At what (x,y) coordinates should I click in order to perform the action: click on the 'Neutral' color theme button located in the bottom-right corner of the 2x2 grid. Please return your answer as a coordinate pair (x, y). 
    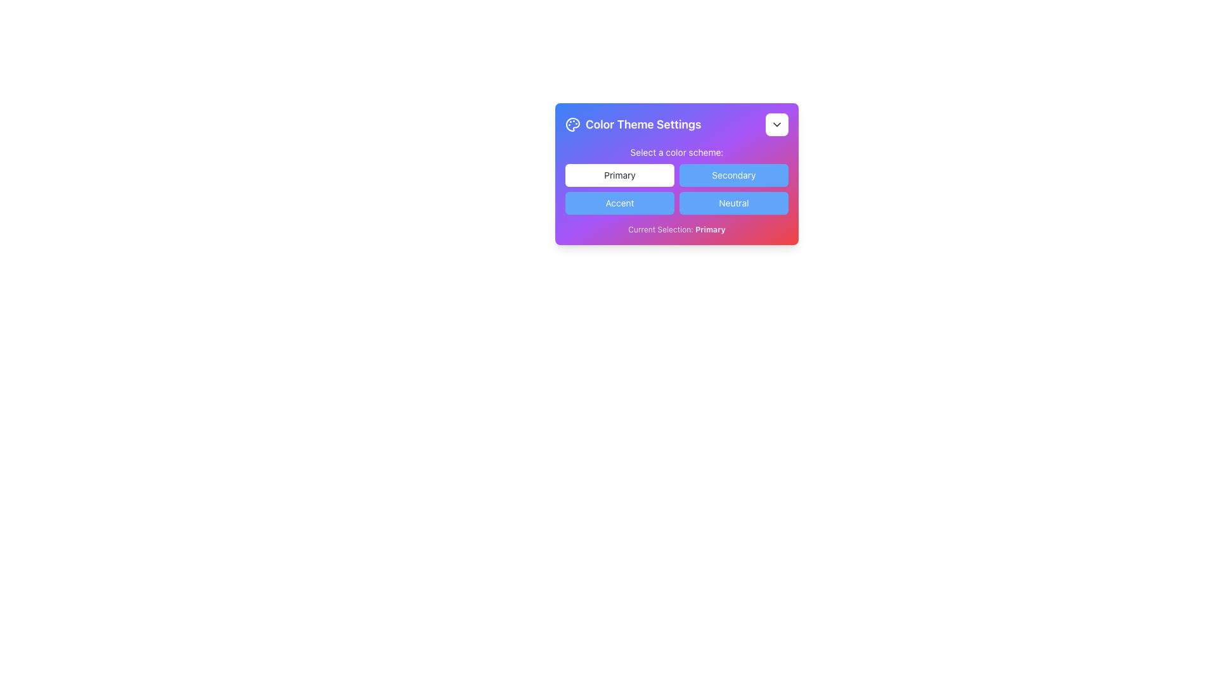
    Looking at the image, I should click on (733, 202).